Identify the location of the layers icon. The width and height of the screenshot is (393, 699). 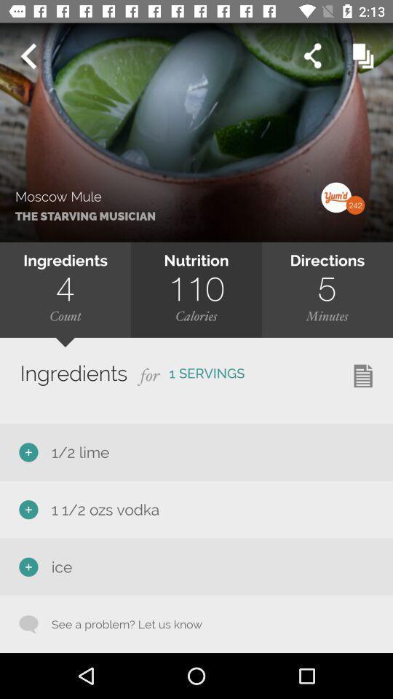
(362, 56).